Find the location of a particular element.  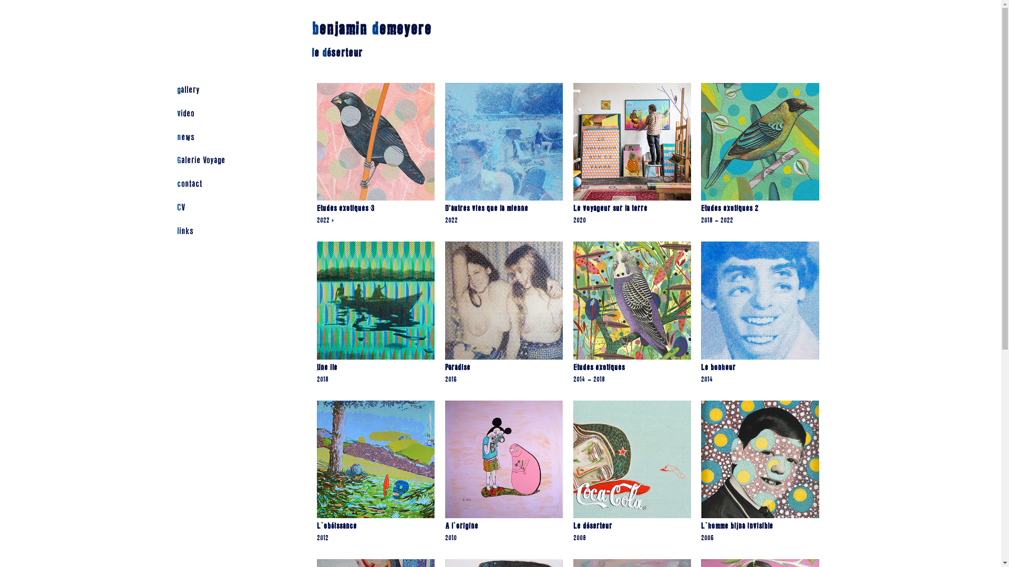

'Le voyageur sur la terre is located at coordinates (632, 157).